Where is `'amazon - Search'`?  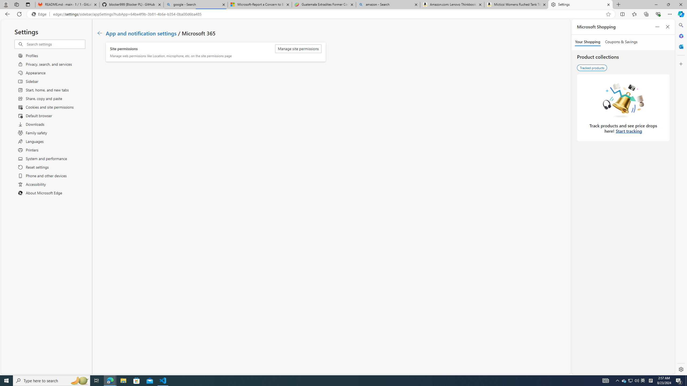 'amazon - Search' is located at coordinates (388, 4).